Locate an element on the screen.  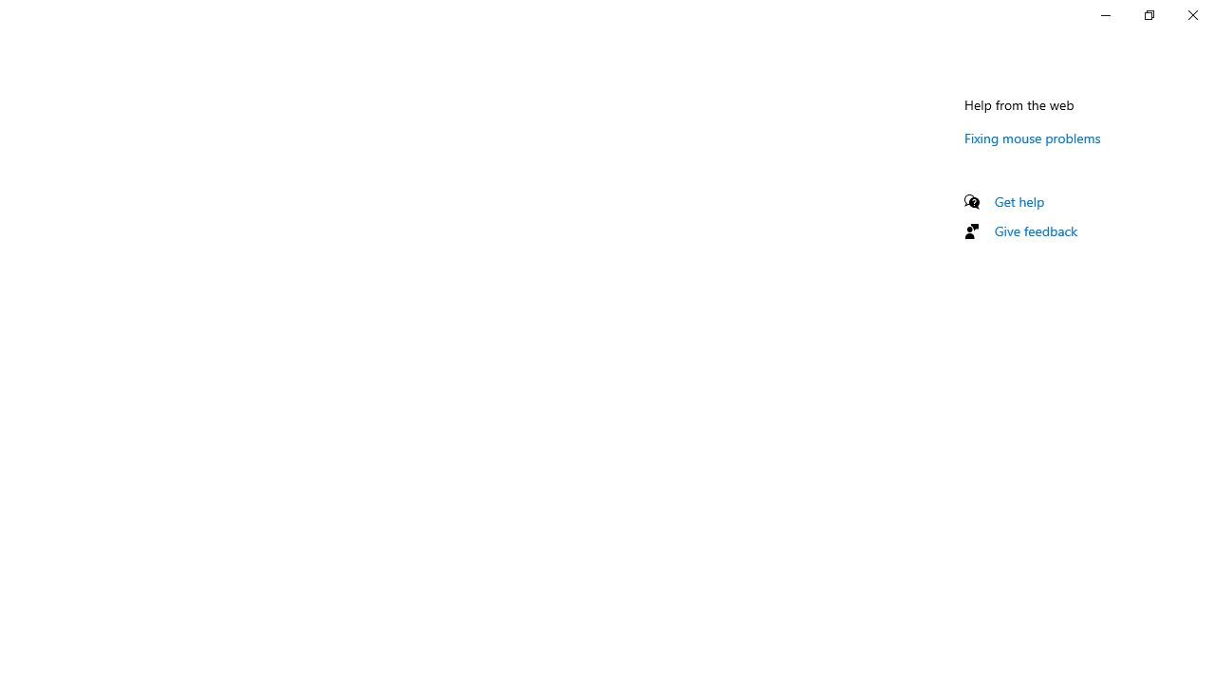
'Close Settings' is located at coordinates (1191, 14).